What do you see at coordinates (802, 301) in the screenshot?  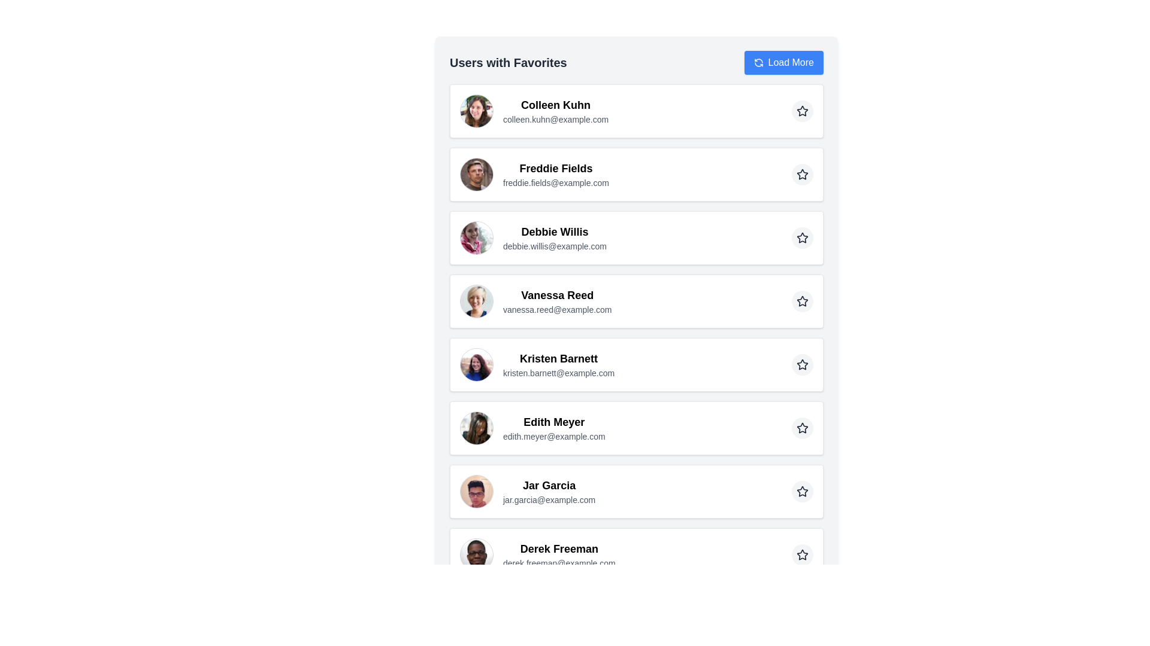 I see `the circular icon button with a light gray background and a black outlined star icon` at bounding box center [802, 301].